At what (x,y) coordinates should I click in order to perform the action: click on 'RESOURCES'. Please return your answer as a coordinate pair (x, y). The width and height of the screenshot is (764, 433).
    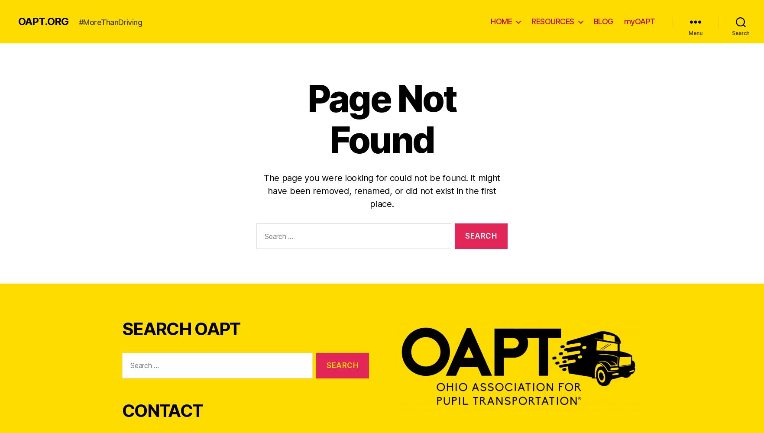
    Looking at the image, I should click on (553, 21).